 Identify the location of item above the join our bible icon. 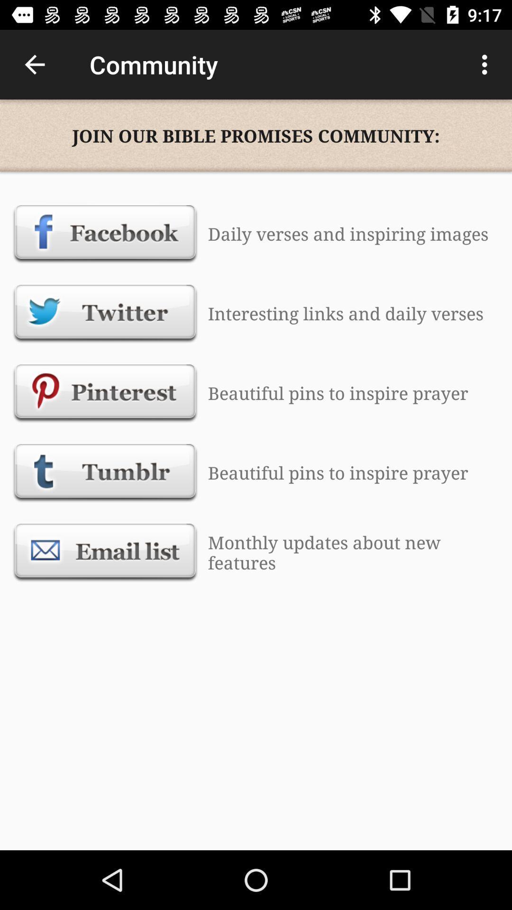
(487, 64).